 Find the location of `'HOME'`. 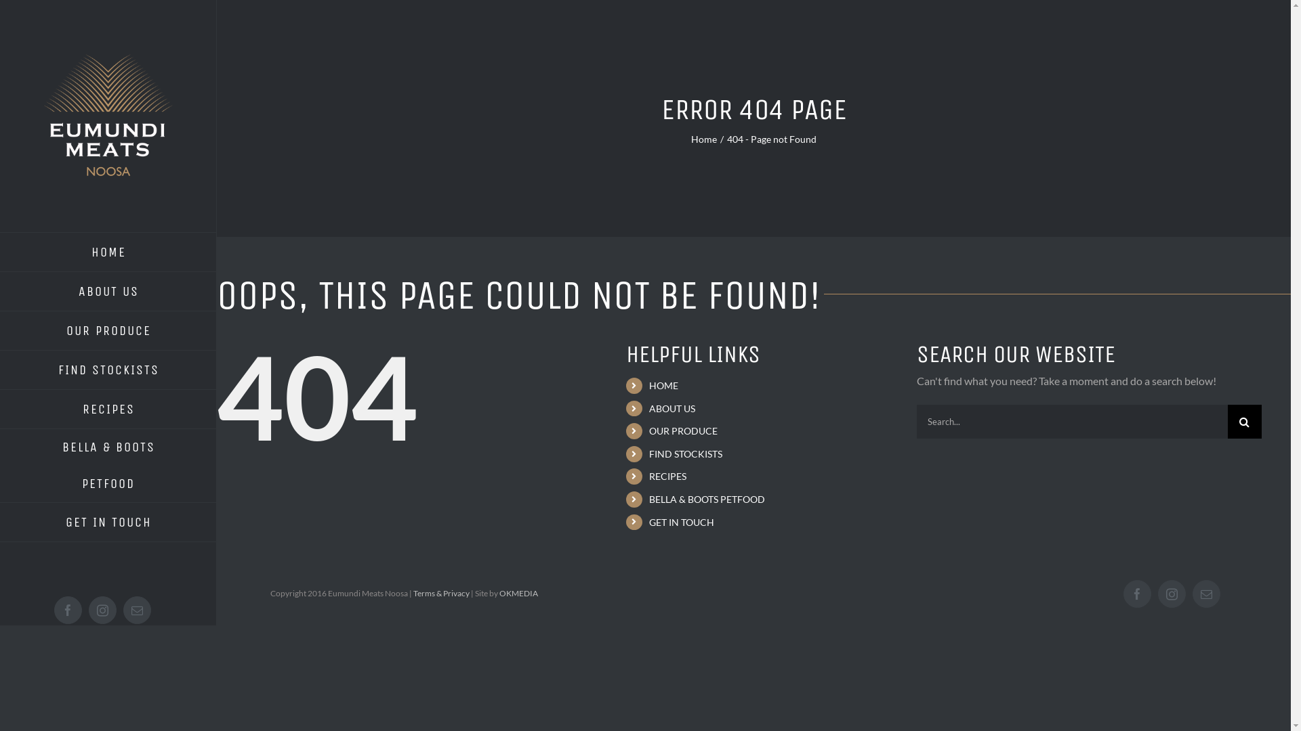

'HOME' is located at coordinates (107, 252).